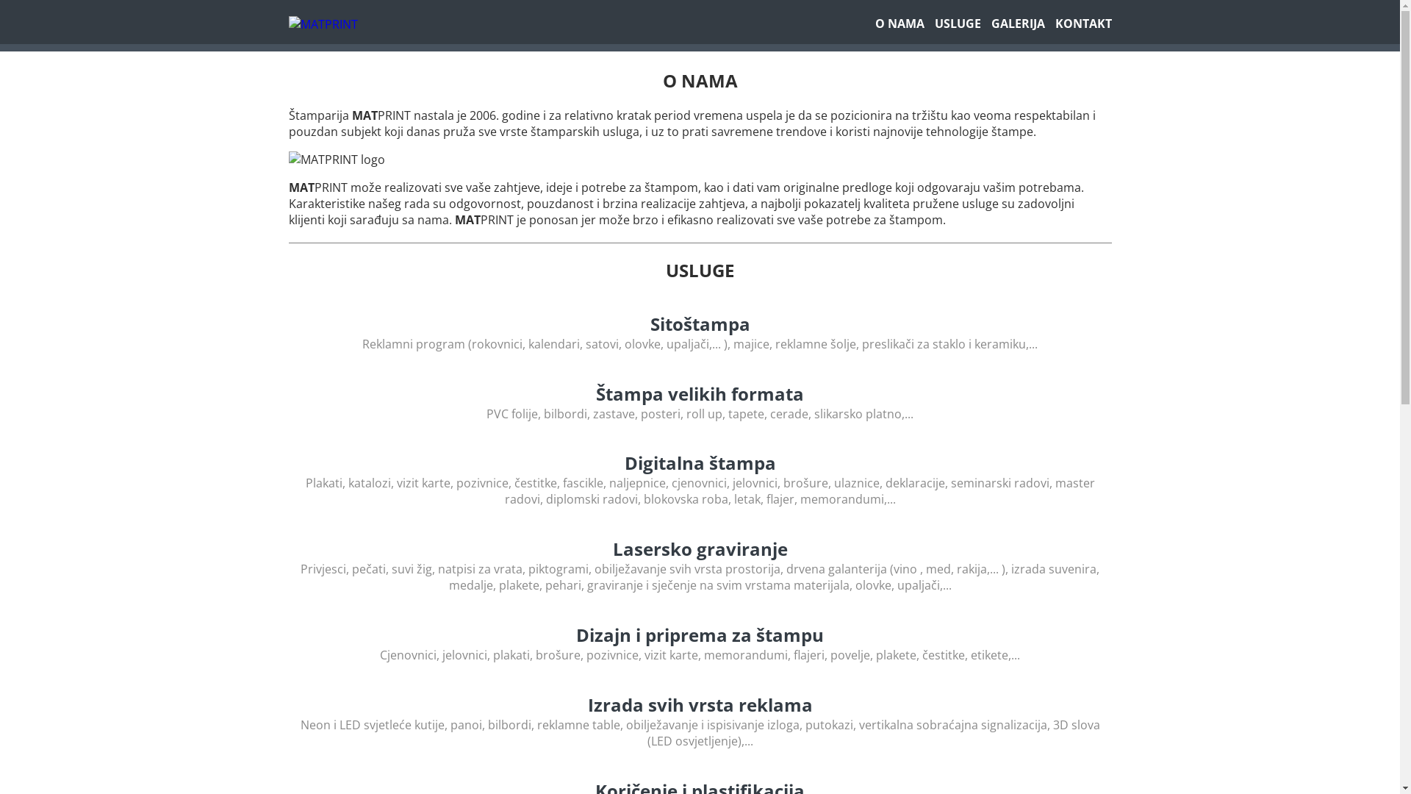  Describe the element at coordinates (1054, 23) in the screenshot. I see `'KONTAKT'` at that location.